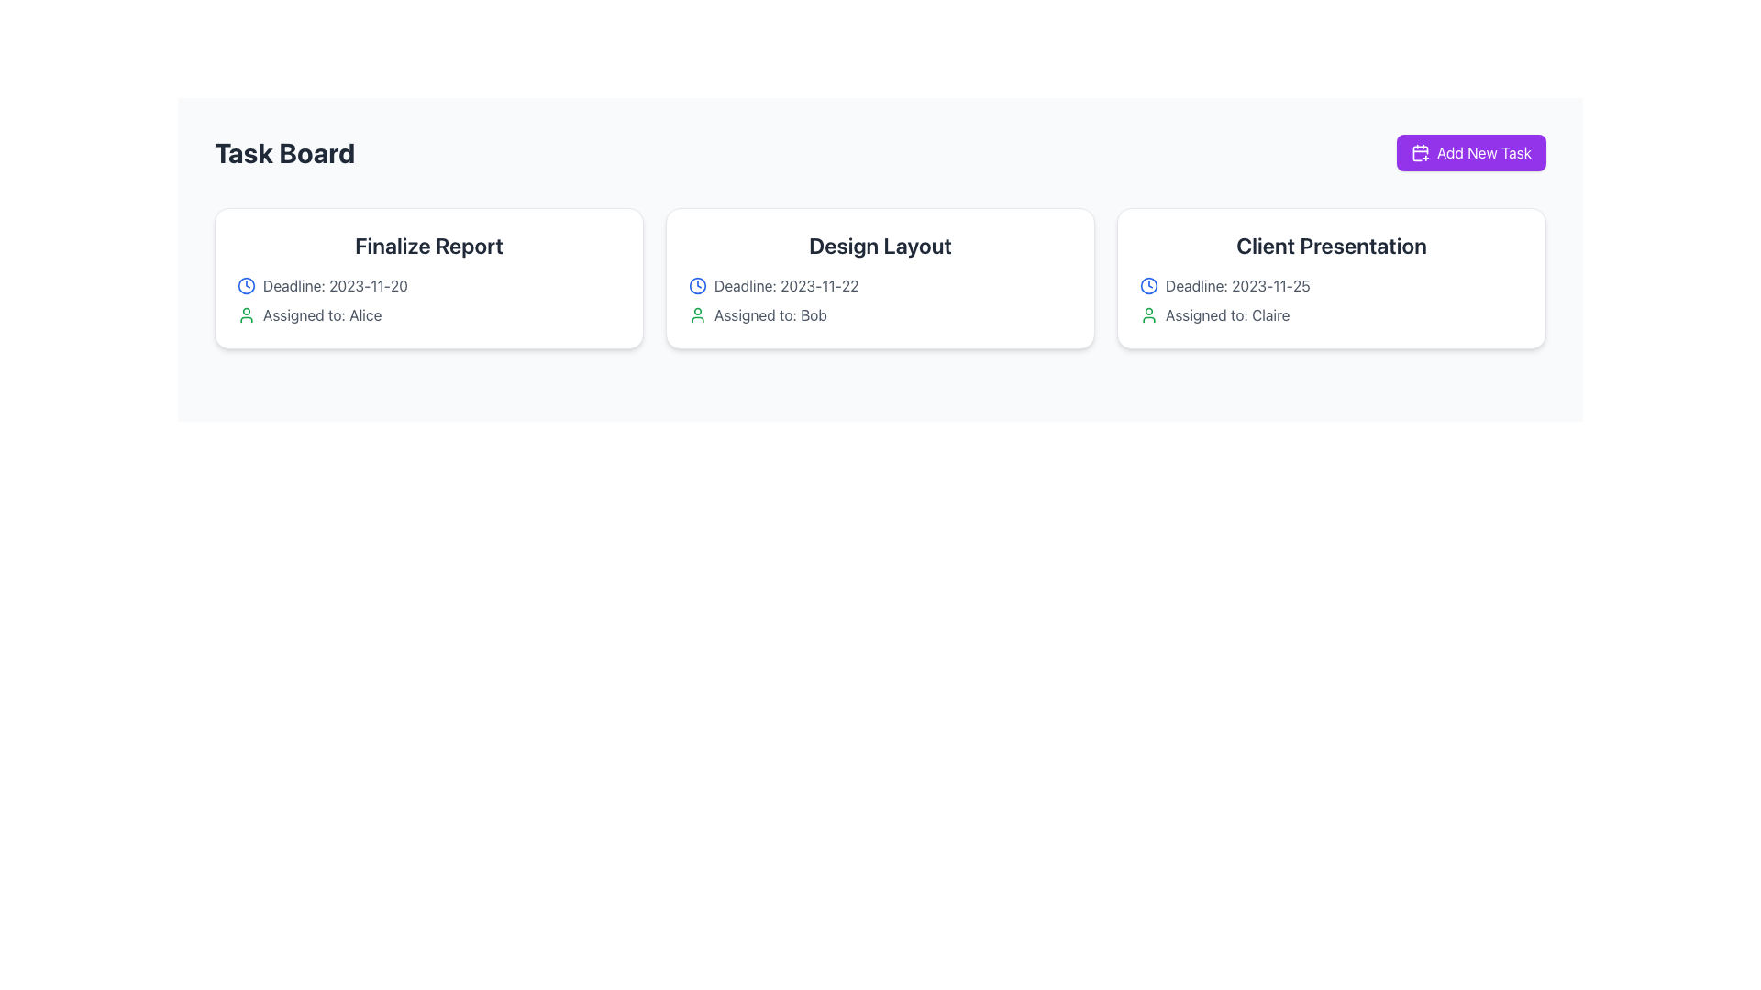 Image resolution: width=1761 pixels, height=990 pixels. What do you see at coordinates (697, 286) in the screenshot?
I see `the blue clock icon with a circular outline, located before the text 'Deadline: 2023-11-22' in the middle task card` at bounding box center [697, 286].